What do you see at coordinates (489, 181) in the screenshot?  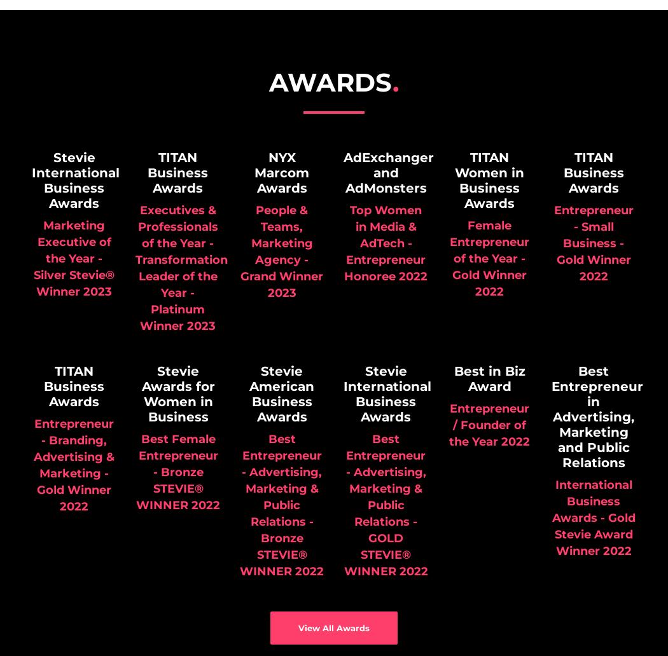 I see `'TITAN Women in Business Awards'` at bounding box center [489, 181].